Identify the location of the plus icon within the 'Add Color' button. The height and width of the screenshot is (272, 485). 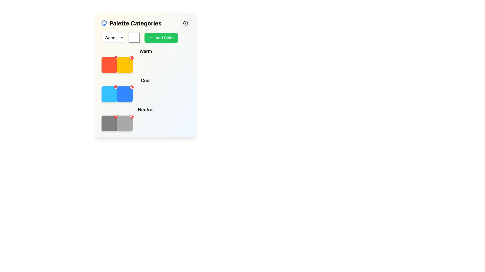
(151, 38).